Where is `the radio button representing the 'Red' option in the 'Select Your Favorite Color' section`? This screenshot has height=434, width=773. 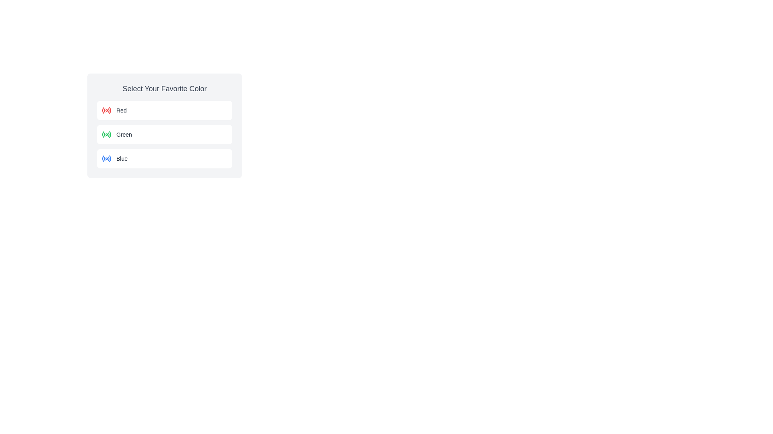
the radio button representing the 'Red' option in the 'Select Your Favorite Color' section is located at coordinates (106, 110).